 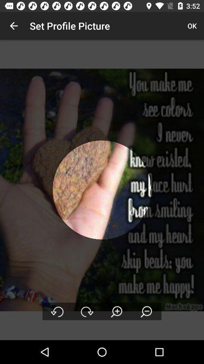 What do you see at coordinates (192, 26) in the screenshot?
I see `the ok icon` at bounding box center [192, 26].